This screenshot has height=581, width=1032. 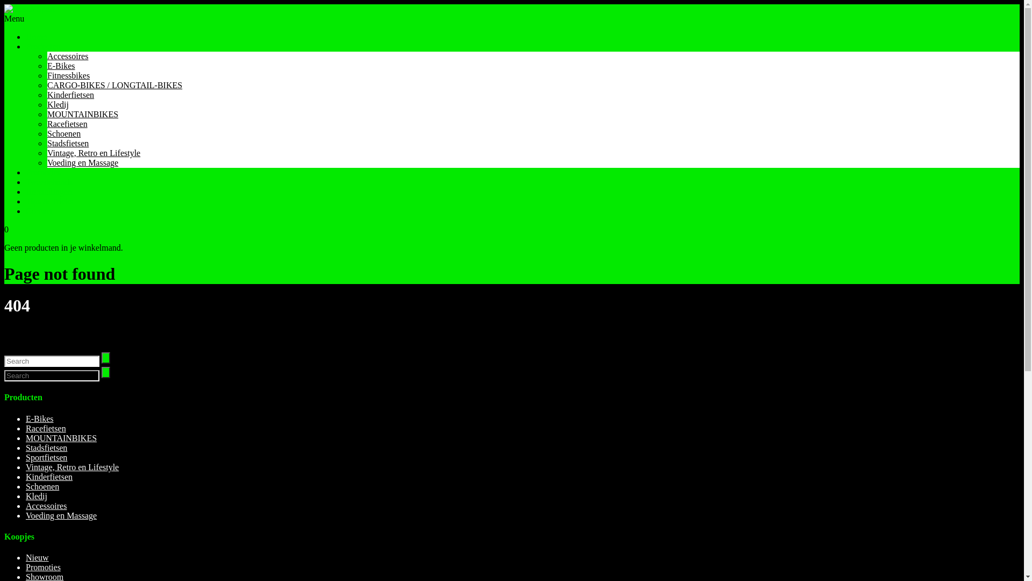 I want to click on 'Home', so click(x=36, y=36).